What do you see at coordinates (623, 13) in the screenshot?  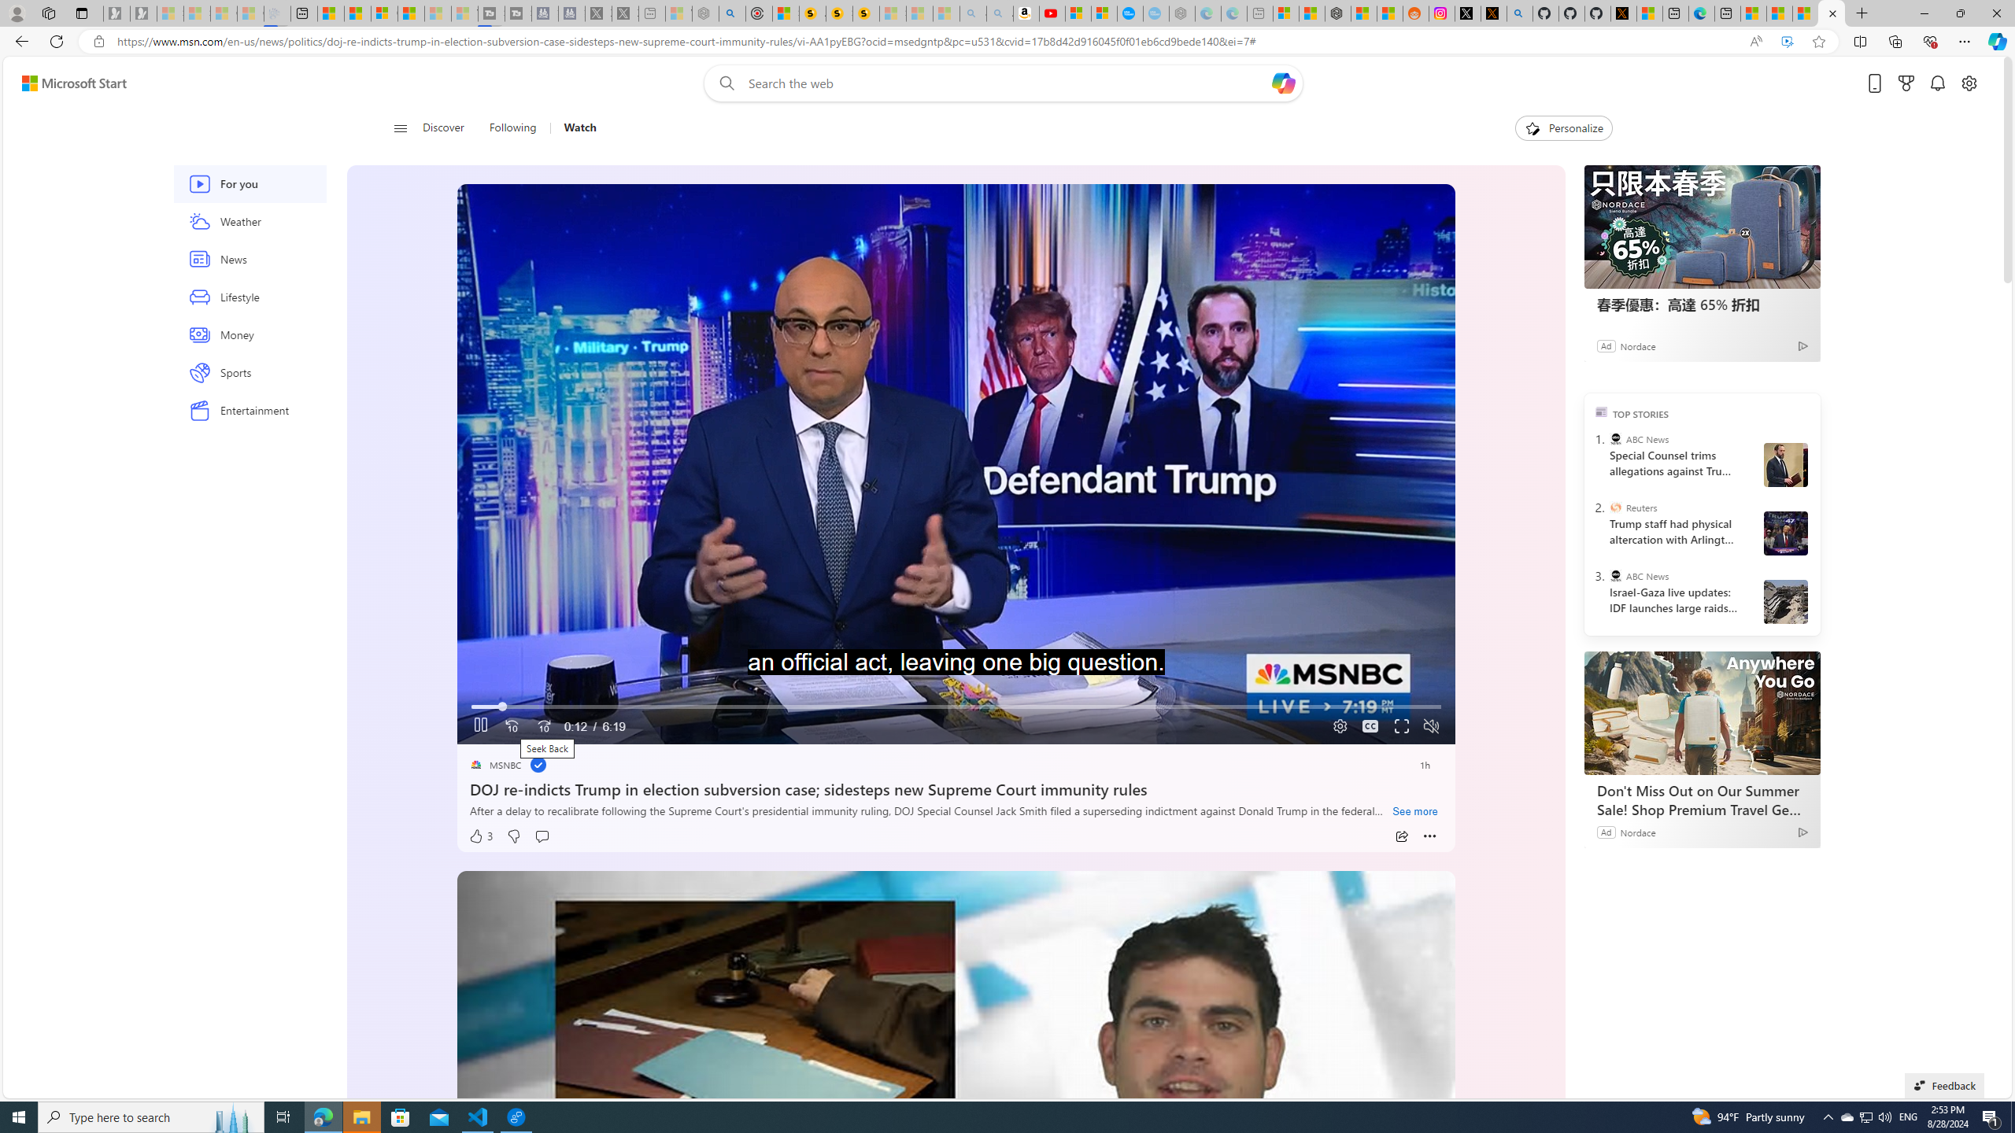 I see `'X - Sleeping'` at bounding box center [623, 13].